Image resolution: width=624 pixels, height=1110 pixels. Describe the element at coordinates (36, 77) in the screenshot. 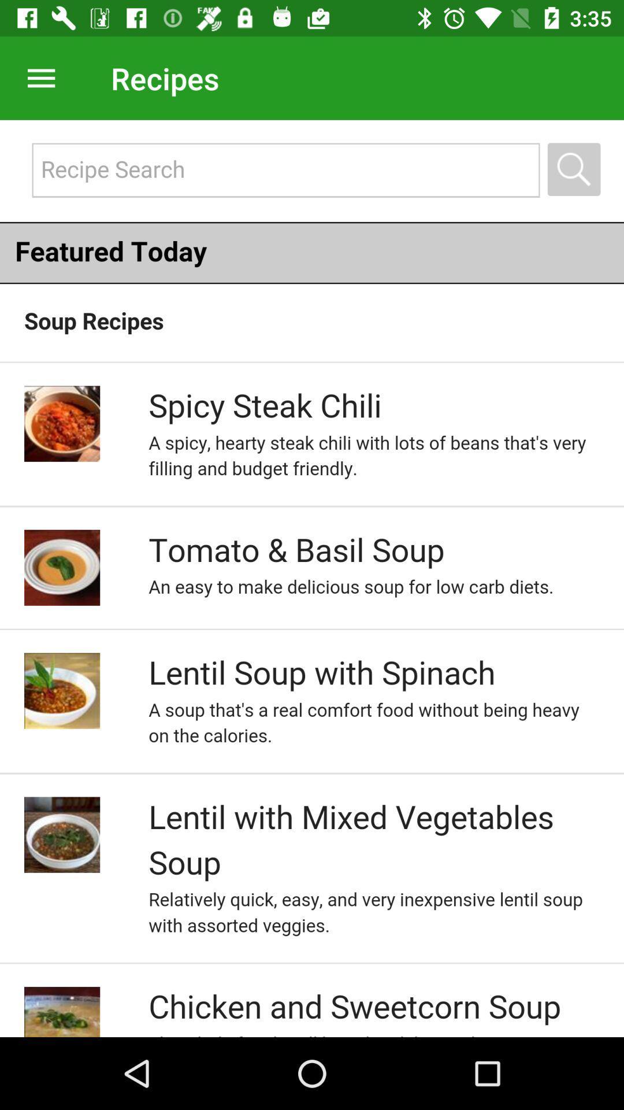

I see `my file seen` at that location.